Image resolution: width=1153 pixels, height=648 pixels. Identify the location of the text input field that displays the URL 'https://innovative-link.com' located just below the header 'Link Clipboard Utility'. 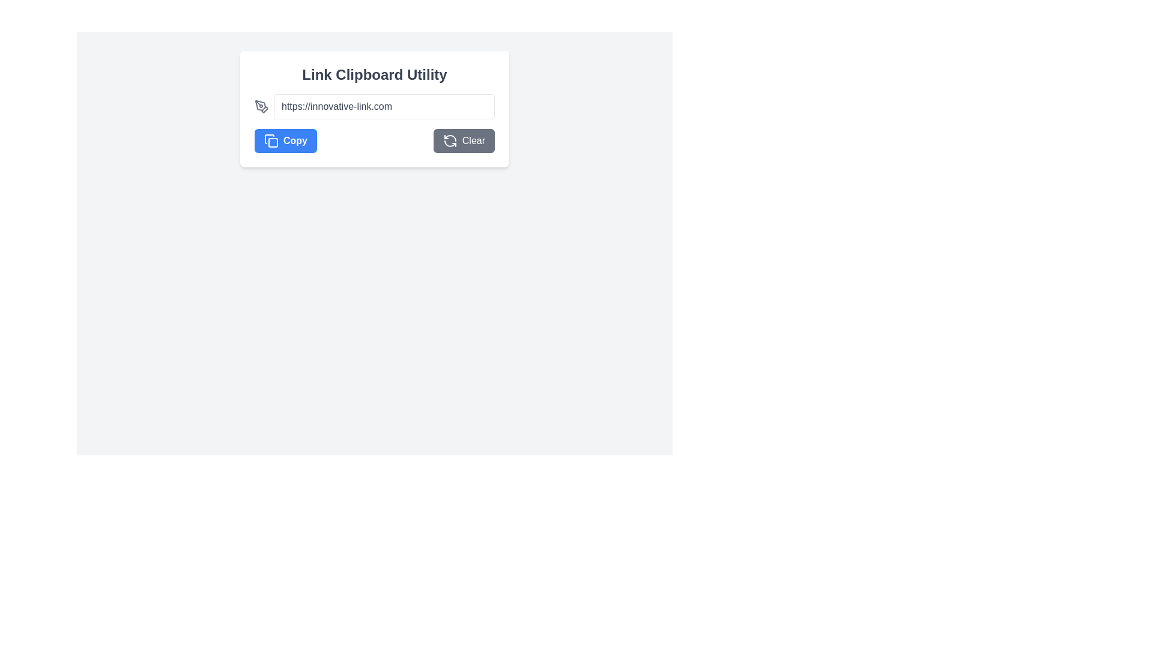
(383, 106).